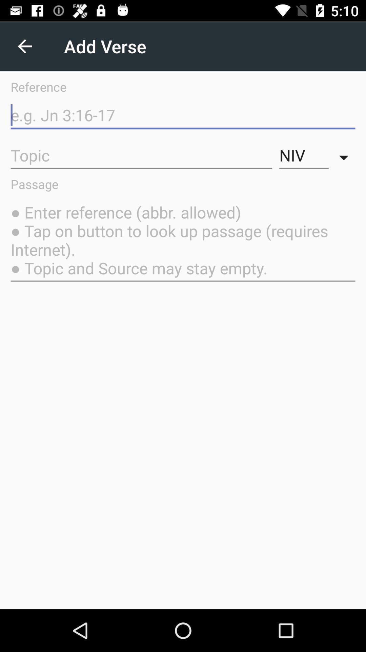 This screenshot has width=366, height=652. Describe the element at coordinates (304, 155) in the screenshot. I see `the niv item` at that location.